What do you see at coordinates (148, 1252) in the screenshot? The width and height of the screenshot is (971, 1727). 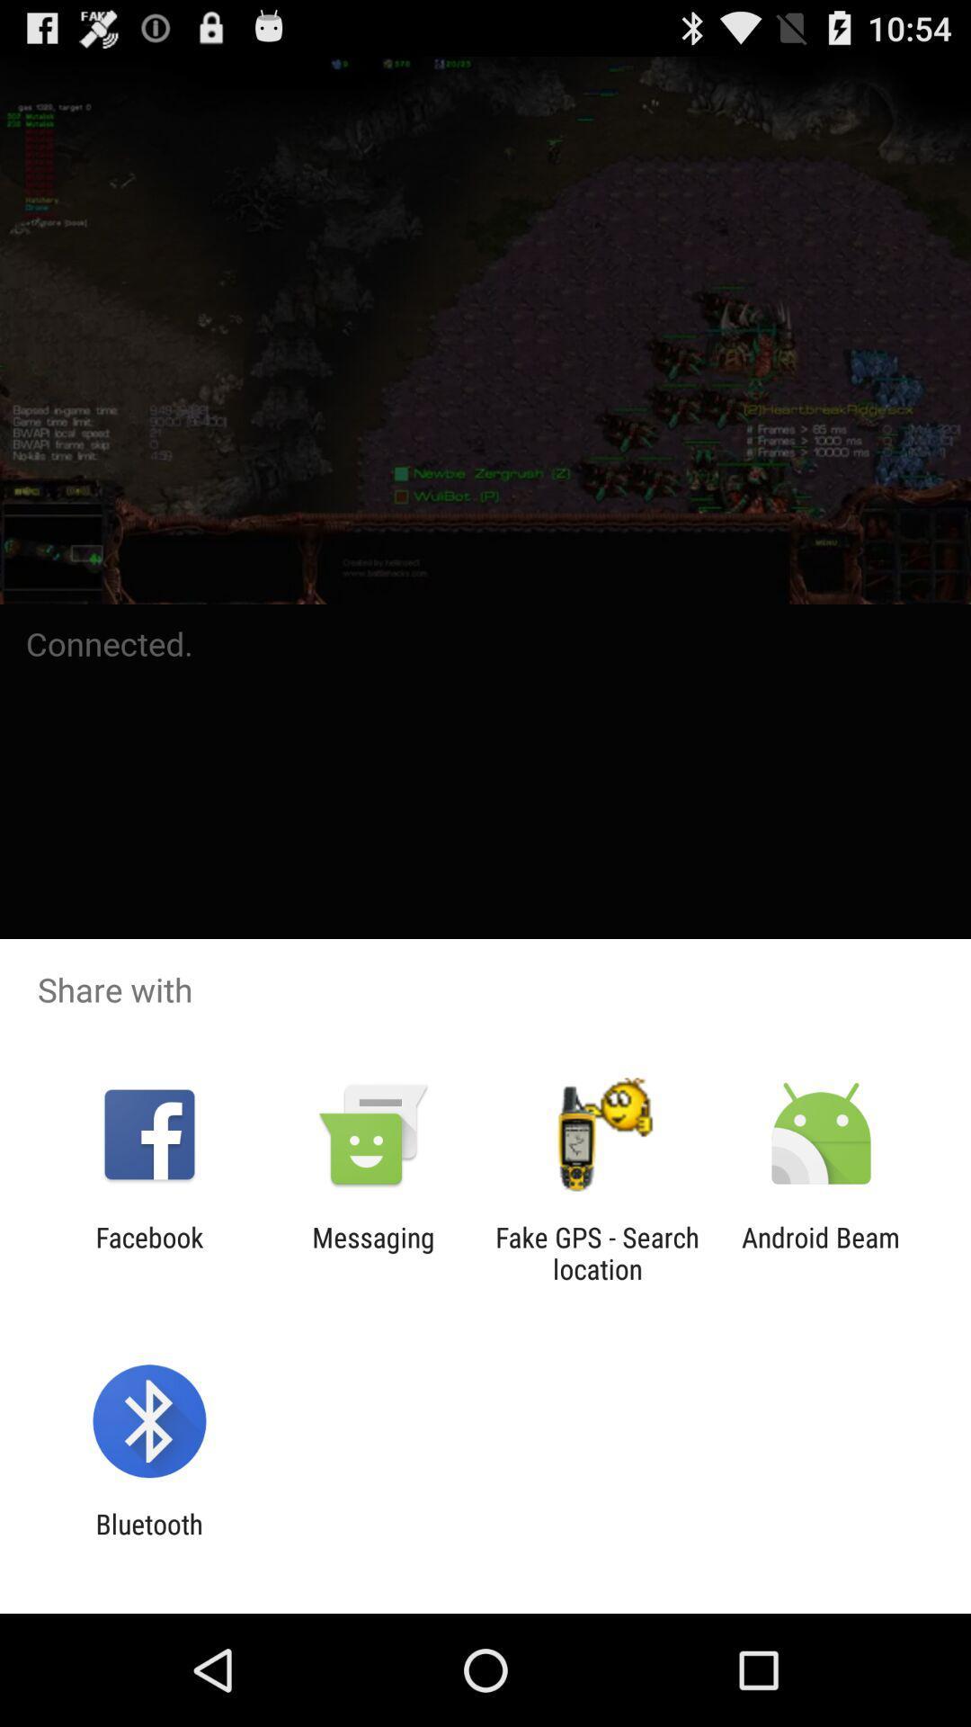 I see `app to the left of the messaging item` at bounding box center [148, 1252].